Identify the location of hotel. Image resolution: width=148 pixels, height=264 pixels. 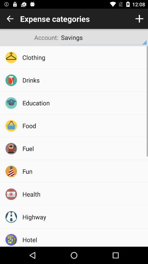
(83, 239).